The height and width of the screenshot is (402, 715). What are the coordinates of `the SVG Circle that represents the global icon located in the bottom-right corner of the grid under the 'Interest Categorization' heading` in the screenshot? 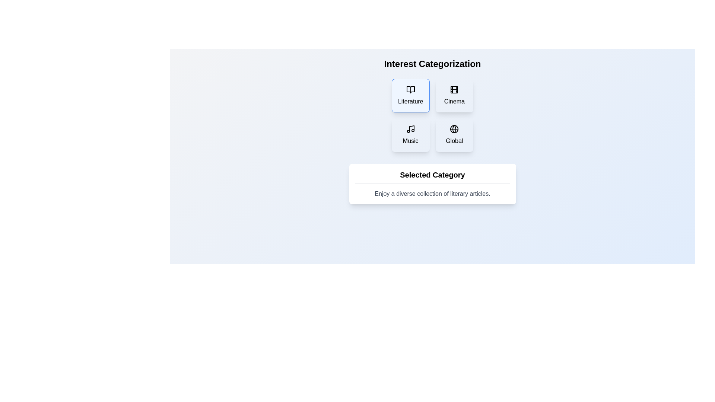 It's located at (454, 129).